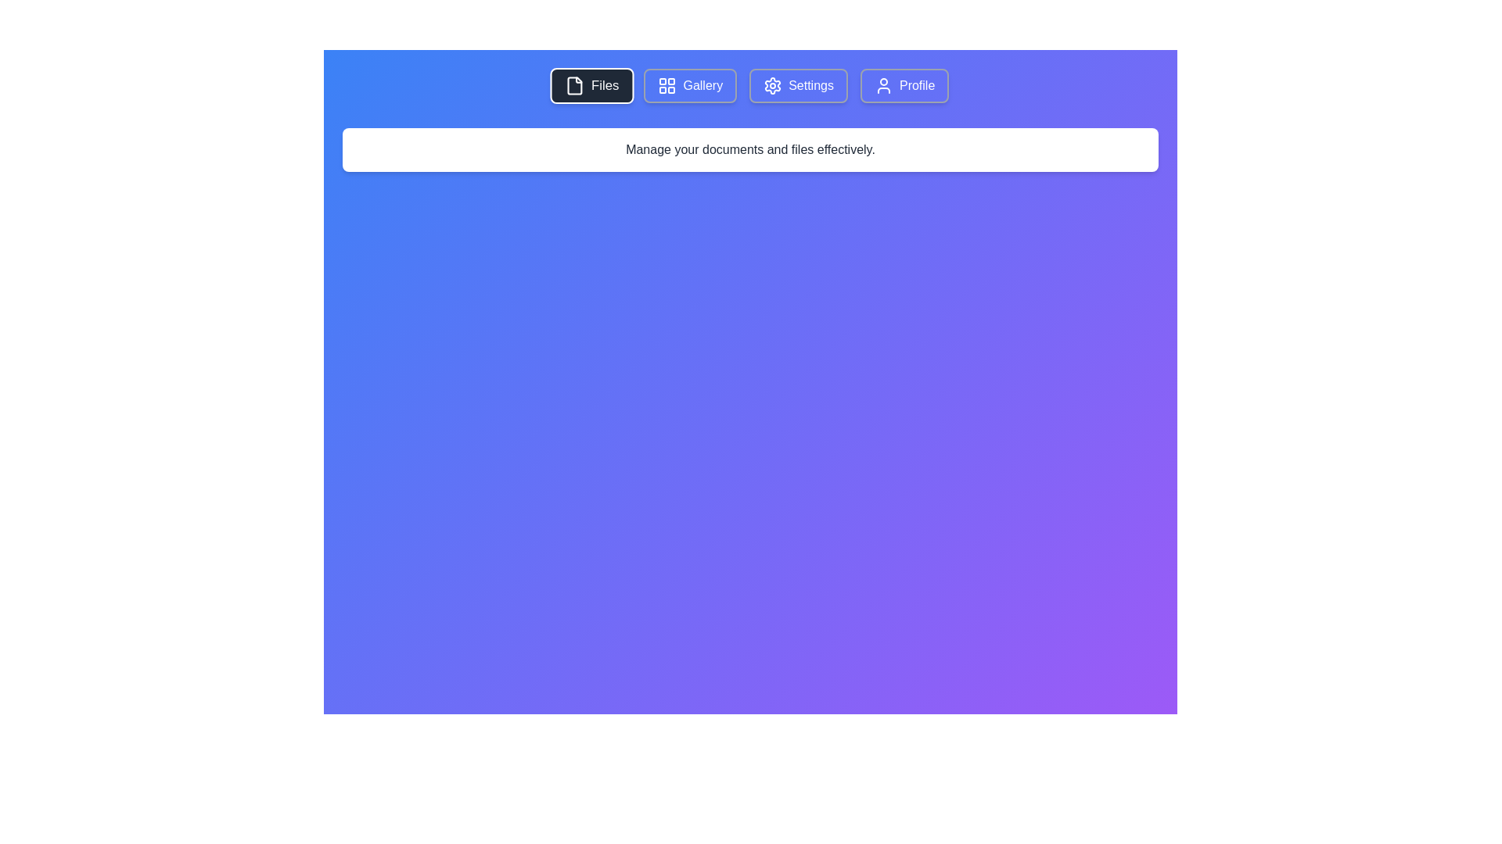  I want to click on the 'Gallery' navigation button in the horizontal navigation bar, so click(689, 86).